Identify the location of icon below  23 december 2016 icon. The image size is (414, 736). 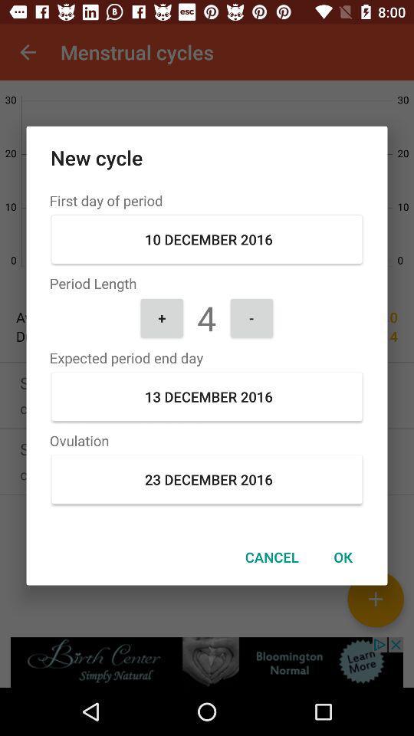
(271, 556).